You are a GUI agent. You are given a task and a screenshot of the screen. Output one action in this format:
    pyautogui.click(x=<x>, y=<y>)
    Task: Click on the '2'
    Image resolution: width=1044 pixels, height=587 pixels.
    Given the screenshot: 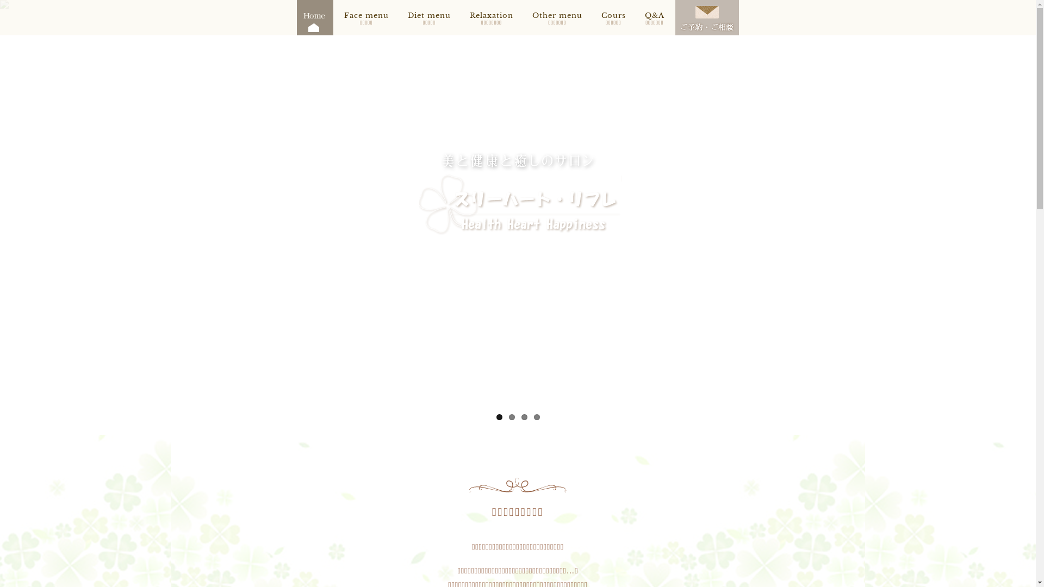 What is the action you would take?
    pyautogui.click(x=511, y=416)
    